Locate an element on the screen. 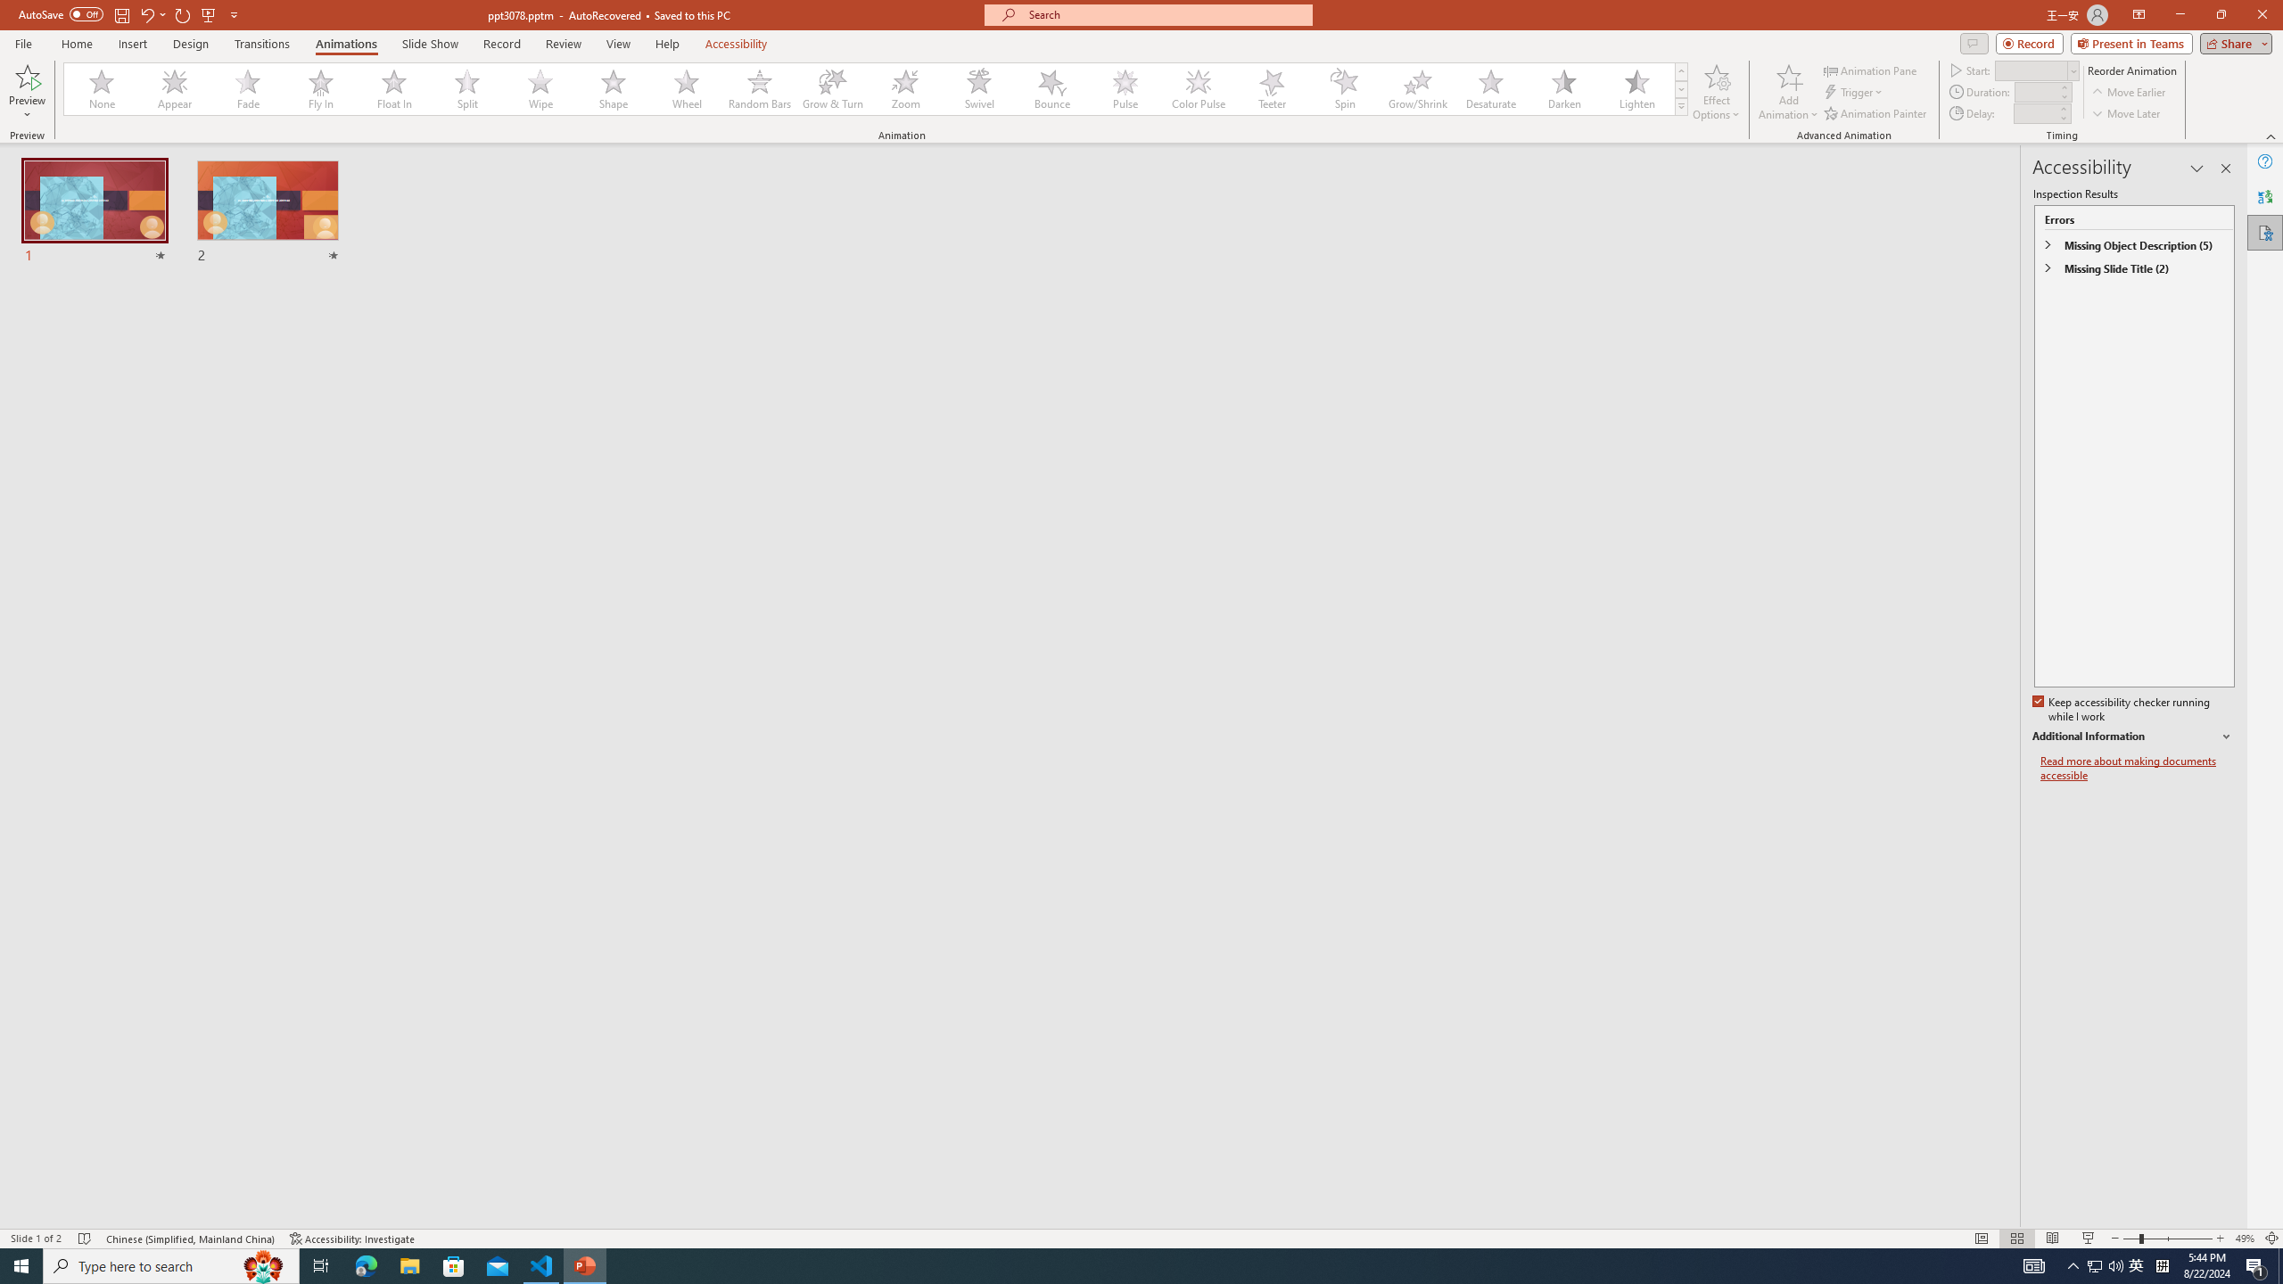  'Lighten' is located at coordinates (1636, 88).